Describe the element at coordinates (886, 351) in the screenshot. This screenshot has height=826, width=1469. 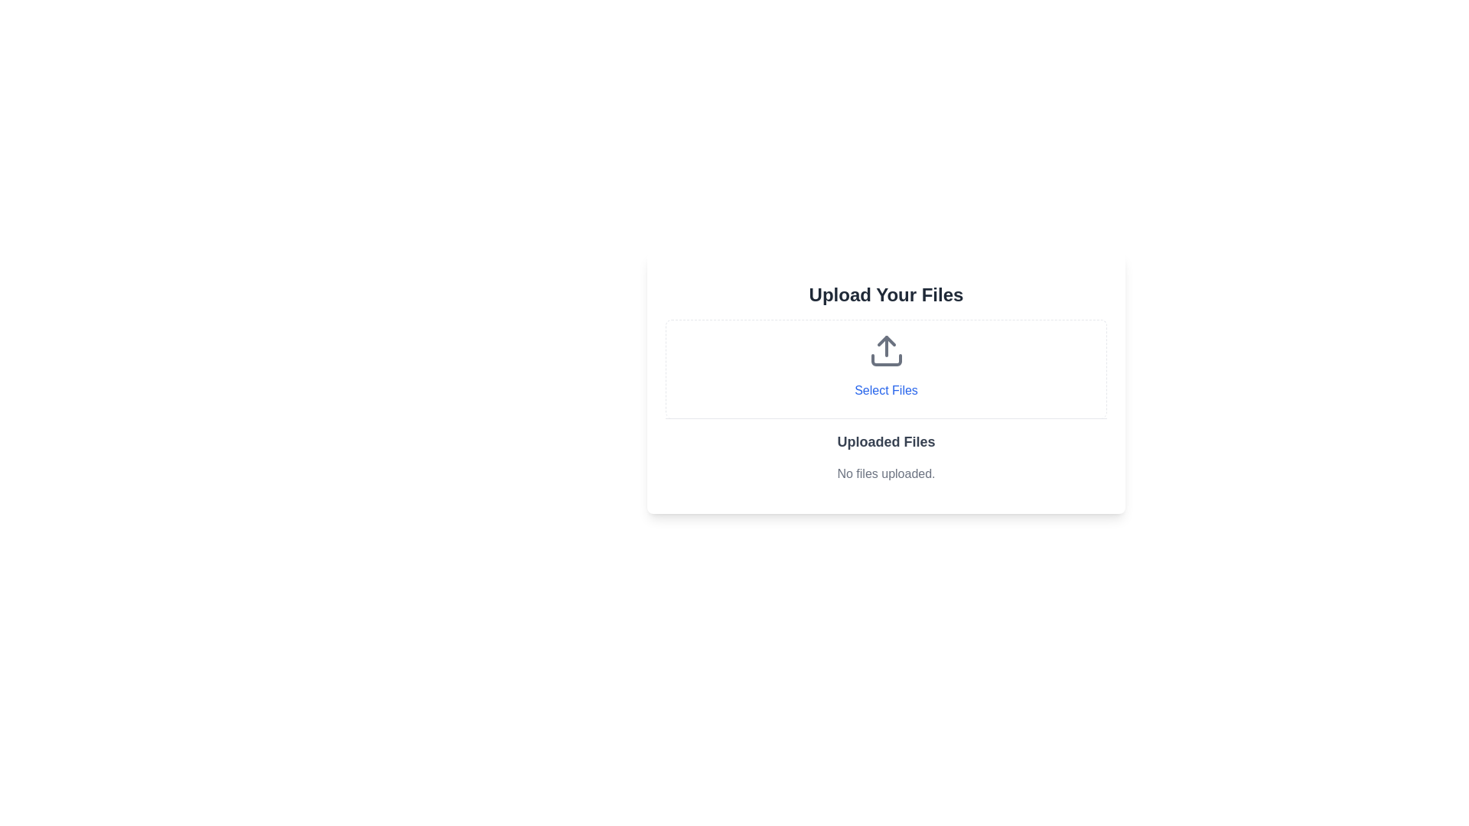
I see `the upload icon, which features an upward-pointing arrow above a rectangular shape, located within the 'Select Files' button area under 'Upload Your Files'` at that location.